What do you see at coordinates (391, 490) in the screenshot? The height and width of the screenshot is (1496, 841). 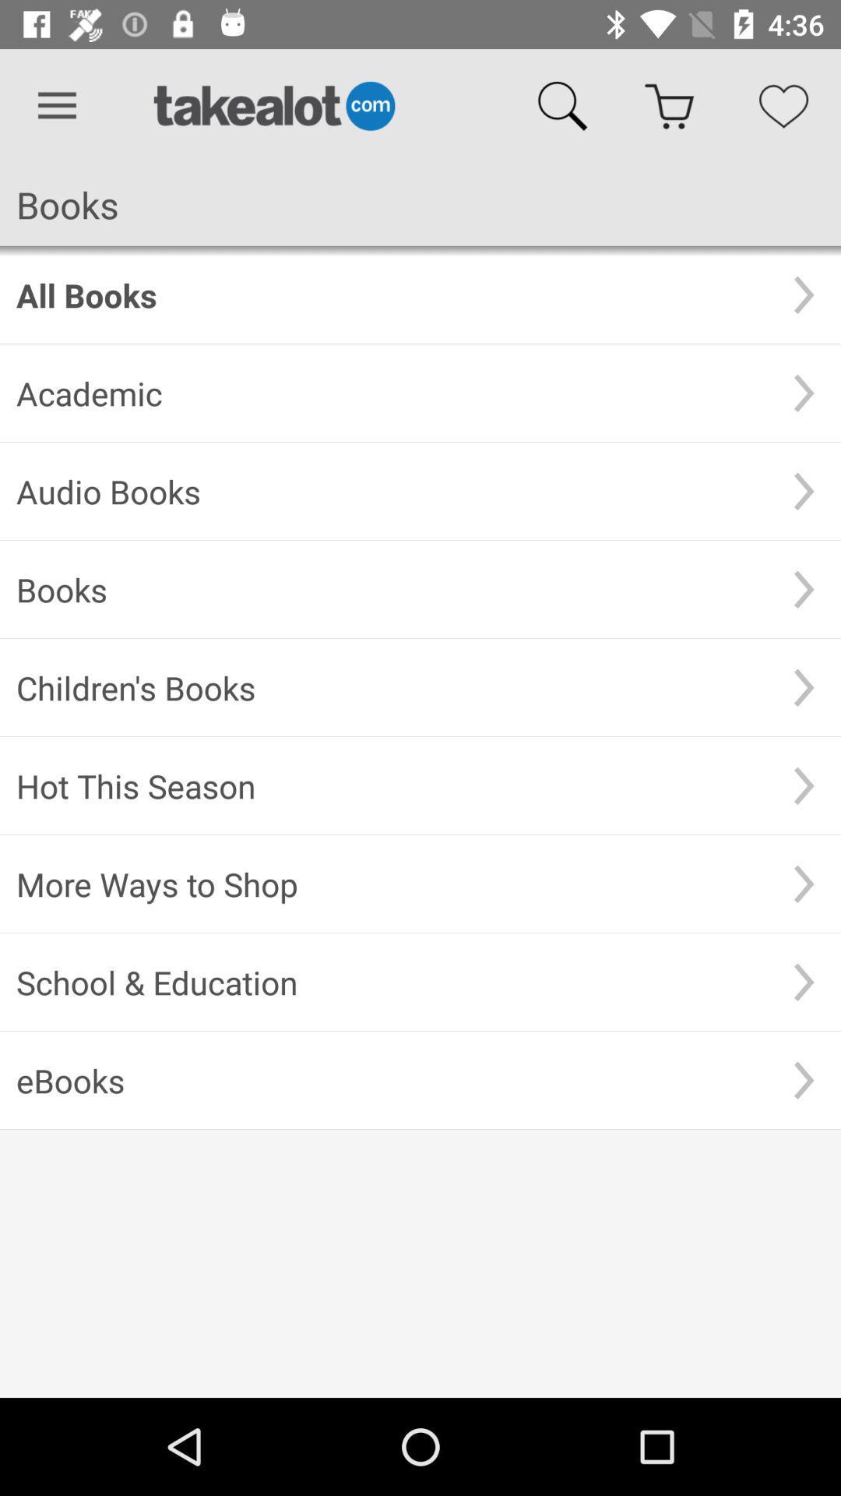 I see `audio books icon` at bounding box center [391, 490].